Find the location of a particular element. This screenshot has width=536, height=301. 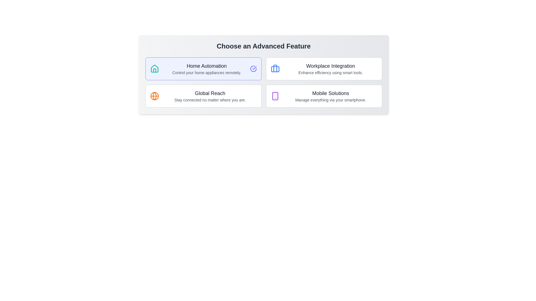

the 'Global Reach' icon, which is located to the left of the text content 'Global Reach' in the second card of the grid is located at coordinates (154, 96).